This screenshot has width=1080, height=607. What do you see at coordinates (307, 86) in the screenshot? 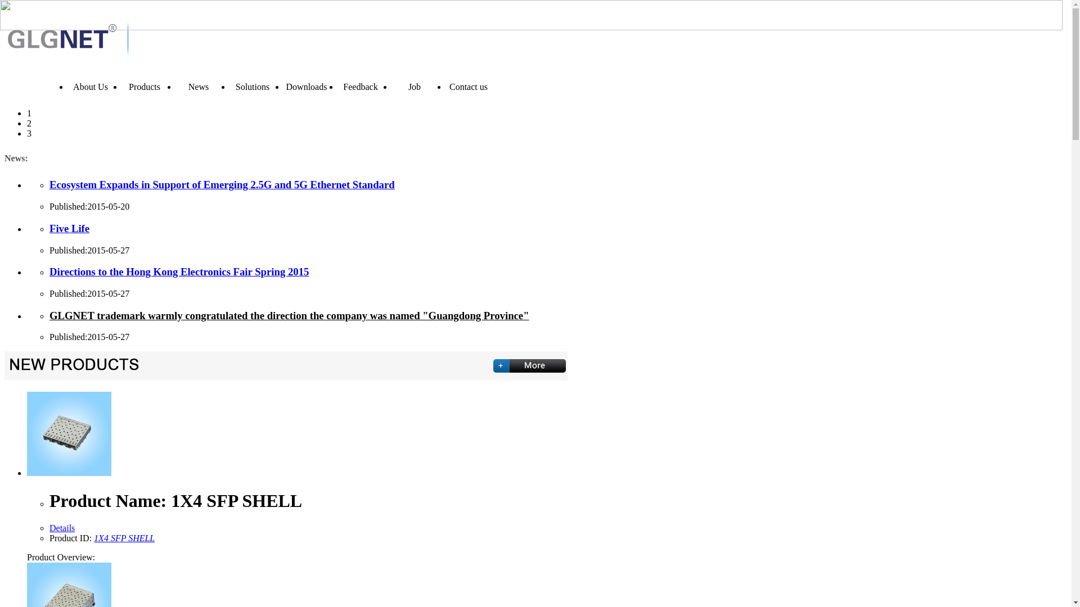
I see `'Downloads'` at bounding box center [307, 86].